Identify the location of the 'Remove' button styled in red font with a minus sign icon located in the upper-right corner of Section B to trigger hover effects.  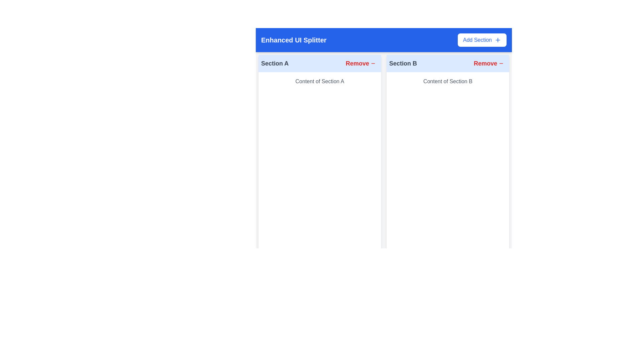
(489, 63).